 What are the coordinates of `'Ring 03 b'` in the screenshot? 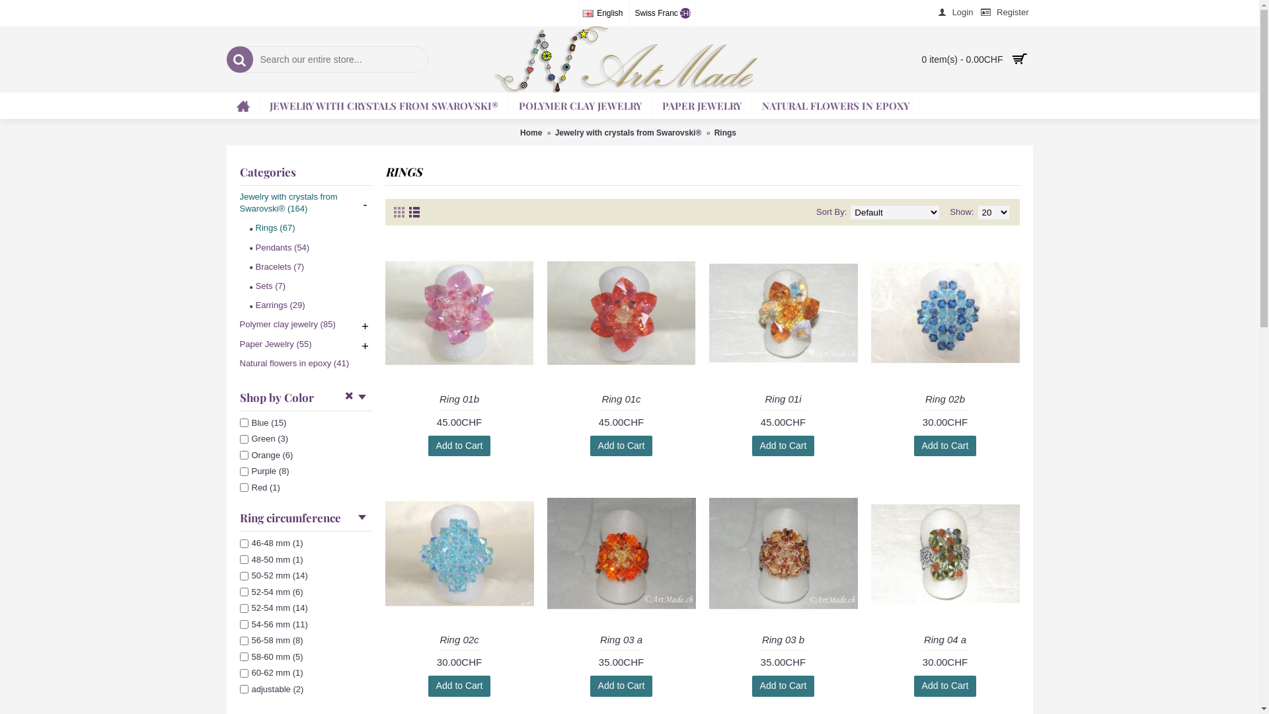 It's located at (783, 639).